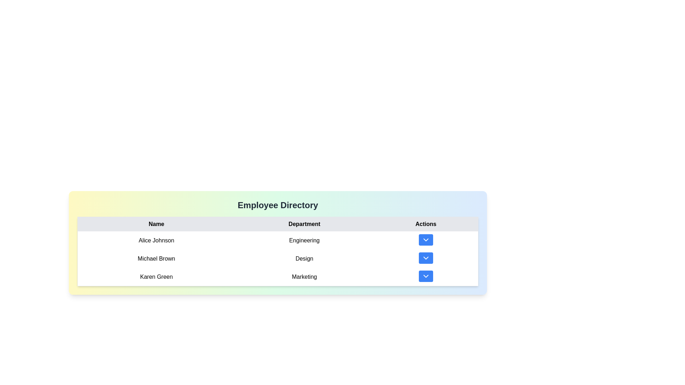 This screenshot has width=685, height=385. What do you see at coordinates (426, 258) in the screenshot?
I see `the blue dropdown menu trigger button in the third column of the second row under the 'Actions' header` at bounding box center [426, 258].